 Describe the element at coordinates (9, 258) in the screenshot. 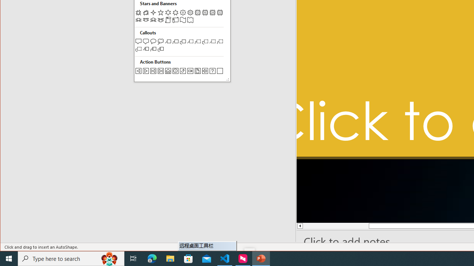

I see `'Start'` at that location.